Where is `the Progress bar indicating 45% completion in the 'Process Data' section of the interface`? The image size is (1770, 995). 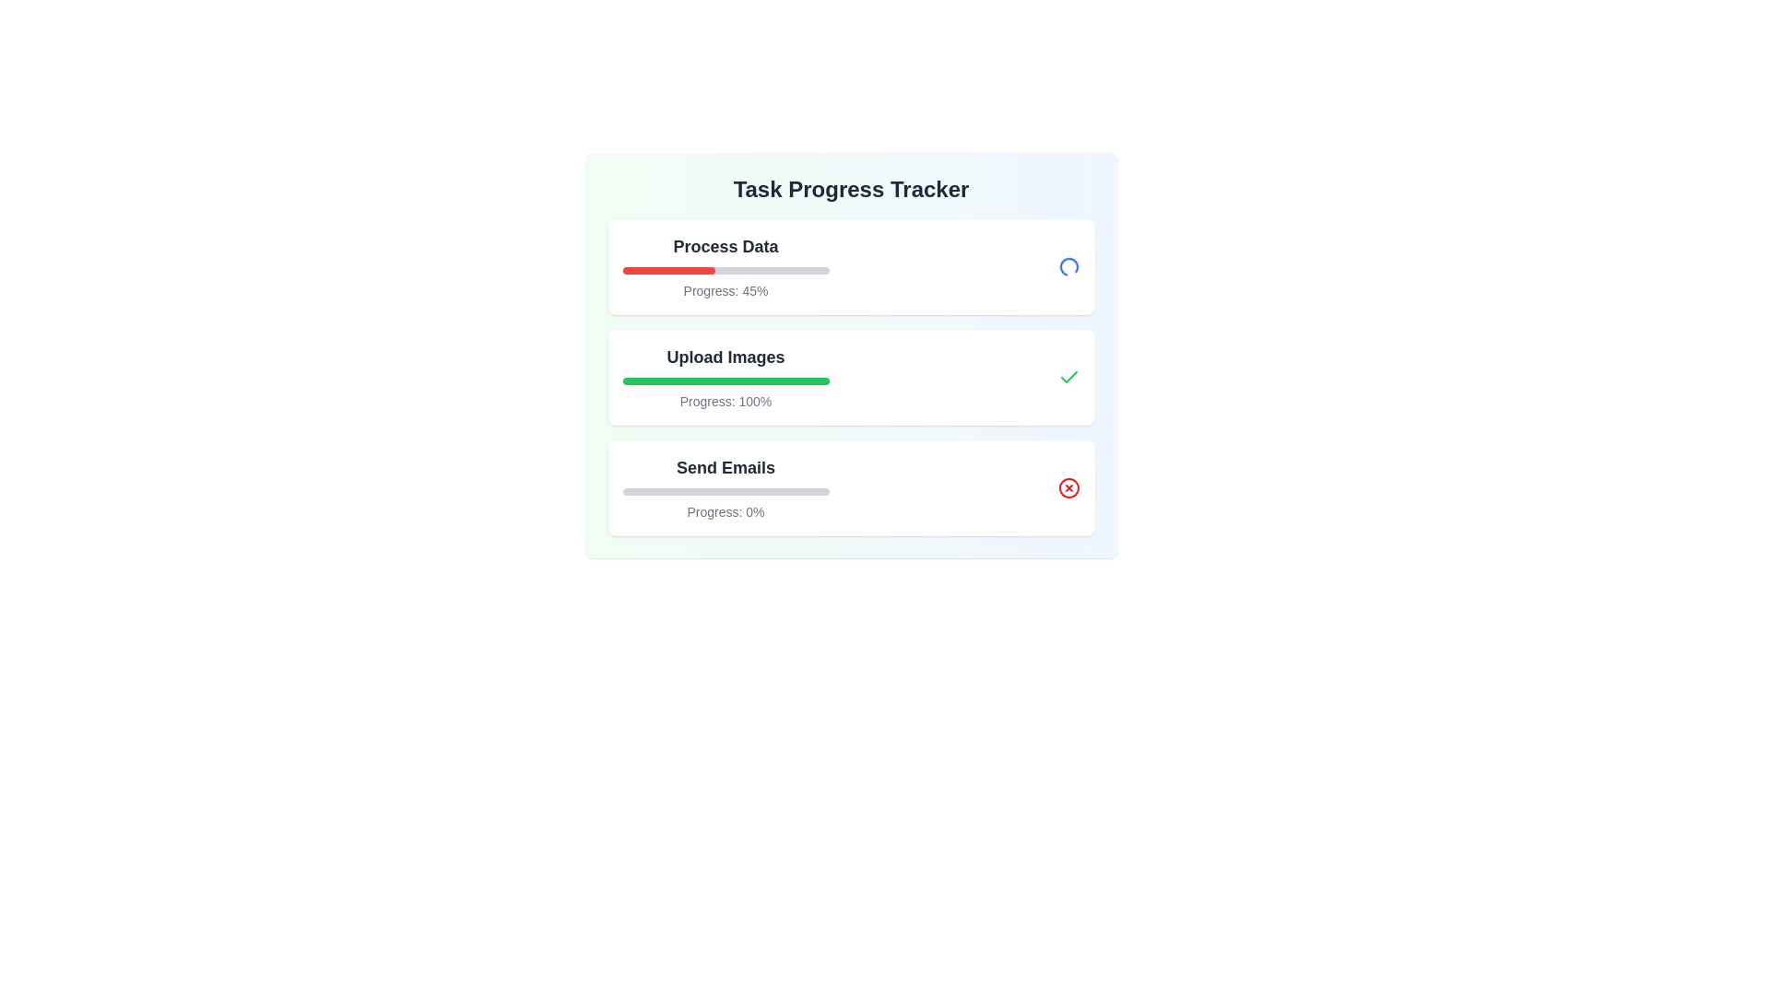 the Progress bar indicating 45% completion in the 'Process Data' section of the interface is located at coordinates (725, 270).